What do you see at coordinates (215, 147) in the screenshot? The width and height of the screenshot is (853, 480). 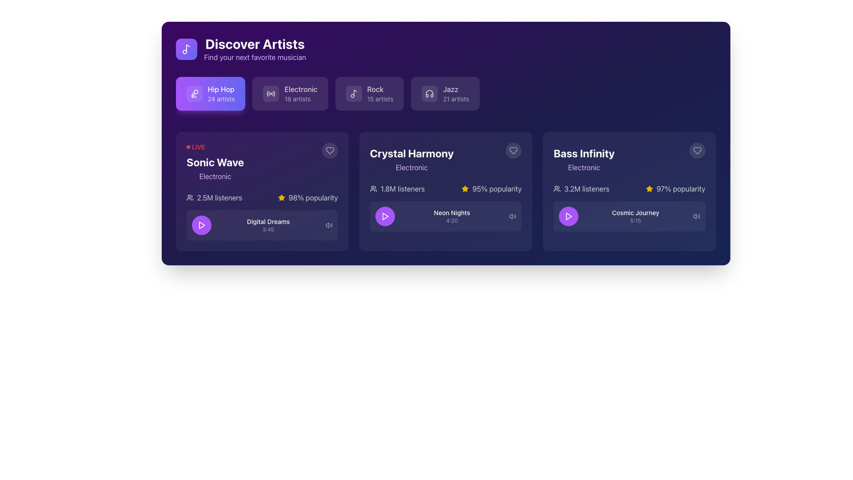 I see `the 'LIVE' label with a red circular badge located at the top-left corner of the highlighted card above the title 'Sonic Wave'` at bounding box center [215, 147].